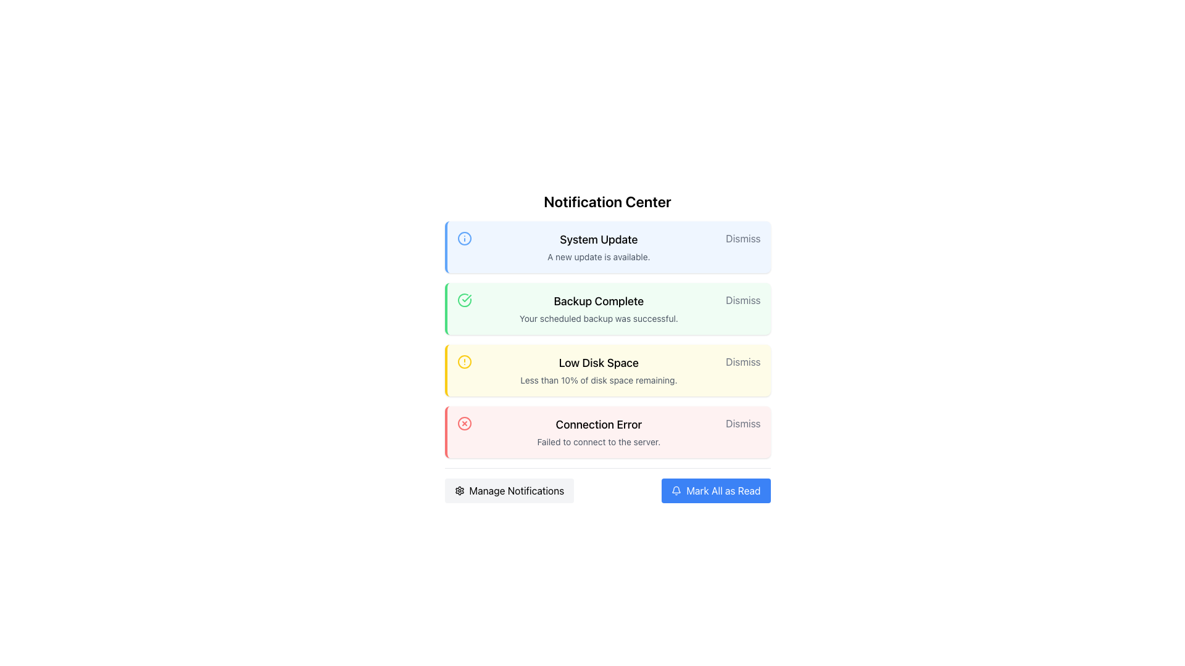 This screenshot has height=666, width=1185. I want to click on the Static Text Label that indicates a 'Connection Error' within the notification card section of the interface, so click(599, 424).